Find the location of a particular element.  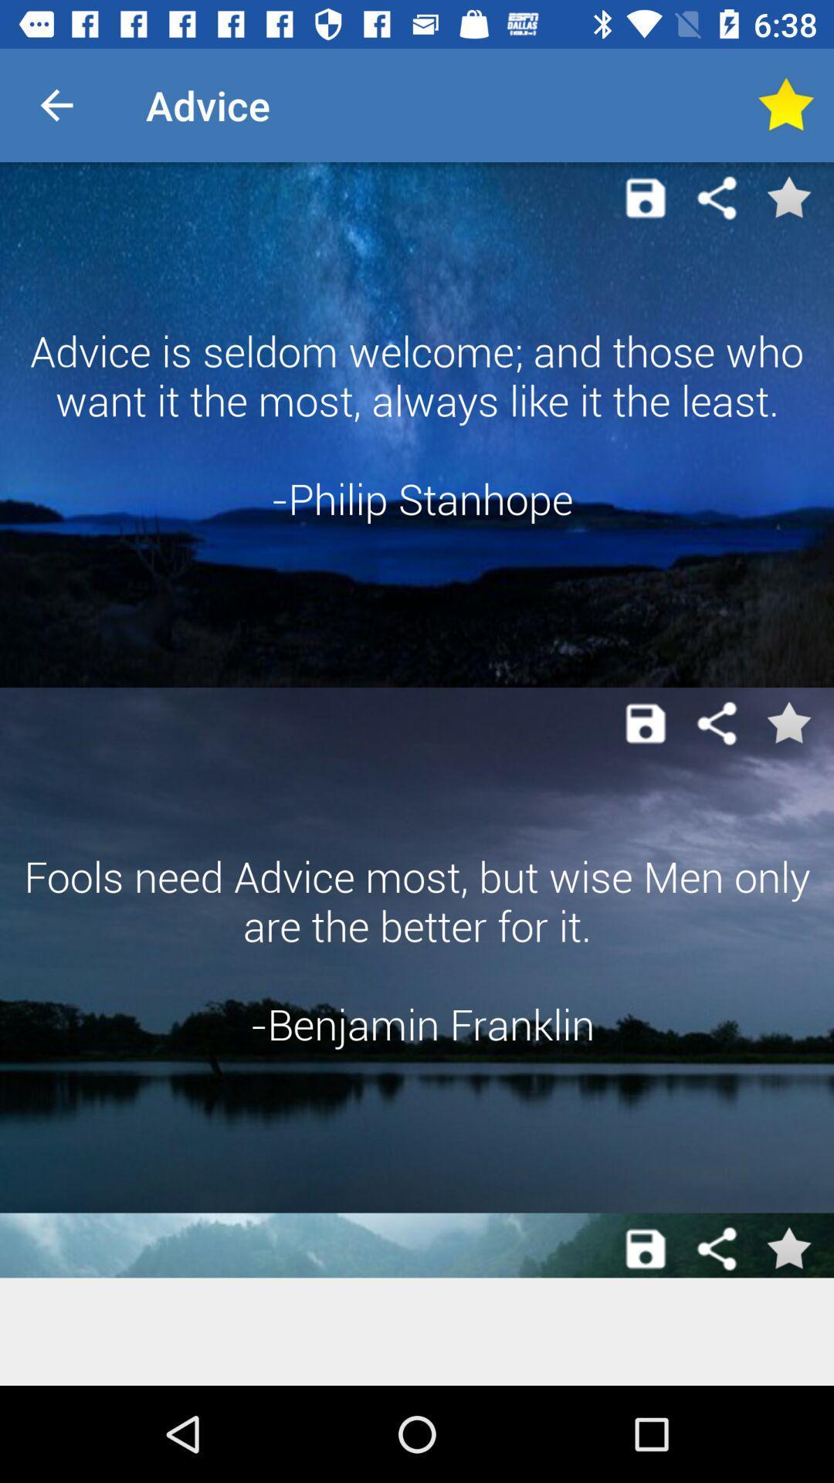

the item next to the advice is located at coordinates (56, 104).